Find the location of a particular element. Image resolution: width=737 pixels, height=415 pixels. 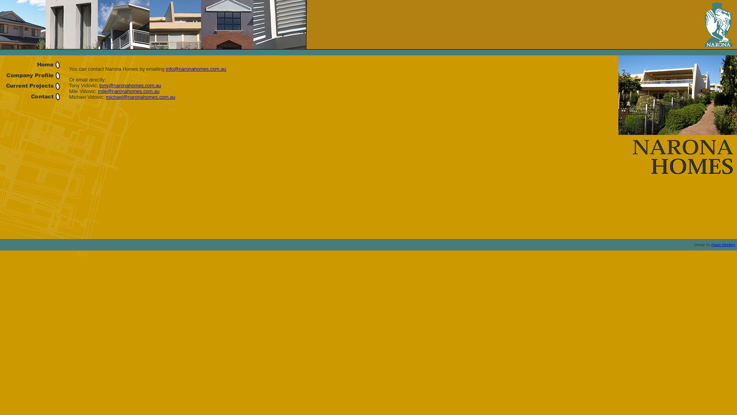

'michael@naronahomes.com.au' is located at coordinates (140, 96).